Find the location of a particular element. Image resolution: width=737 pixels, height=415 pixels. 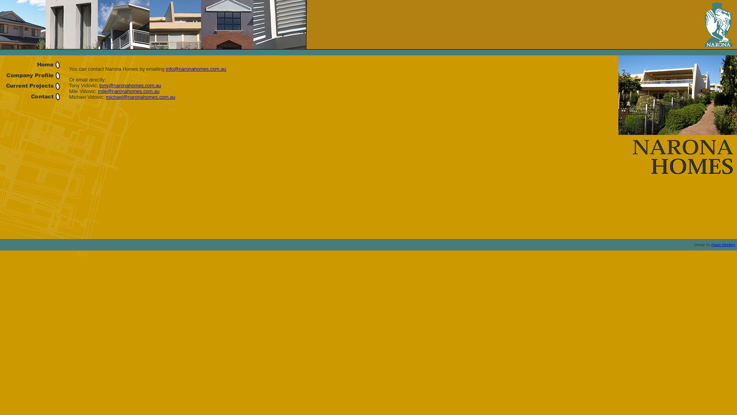

'michael@naronahomes.com.au' is located at coordinates (140, 96).